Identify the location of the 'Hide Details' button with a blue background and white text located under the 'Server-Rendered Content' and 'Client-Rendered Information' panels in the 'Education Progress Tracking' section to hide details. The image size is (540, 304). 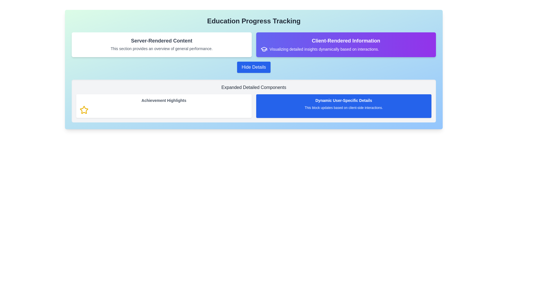
(253, 67).